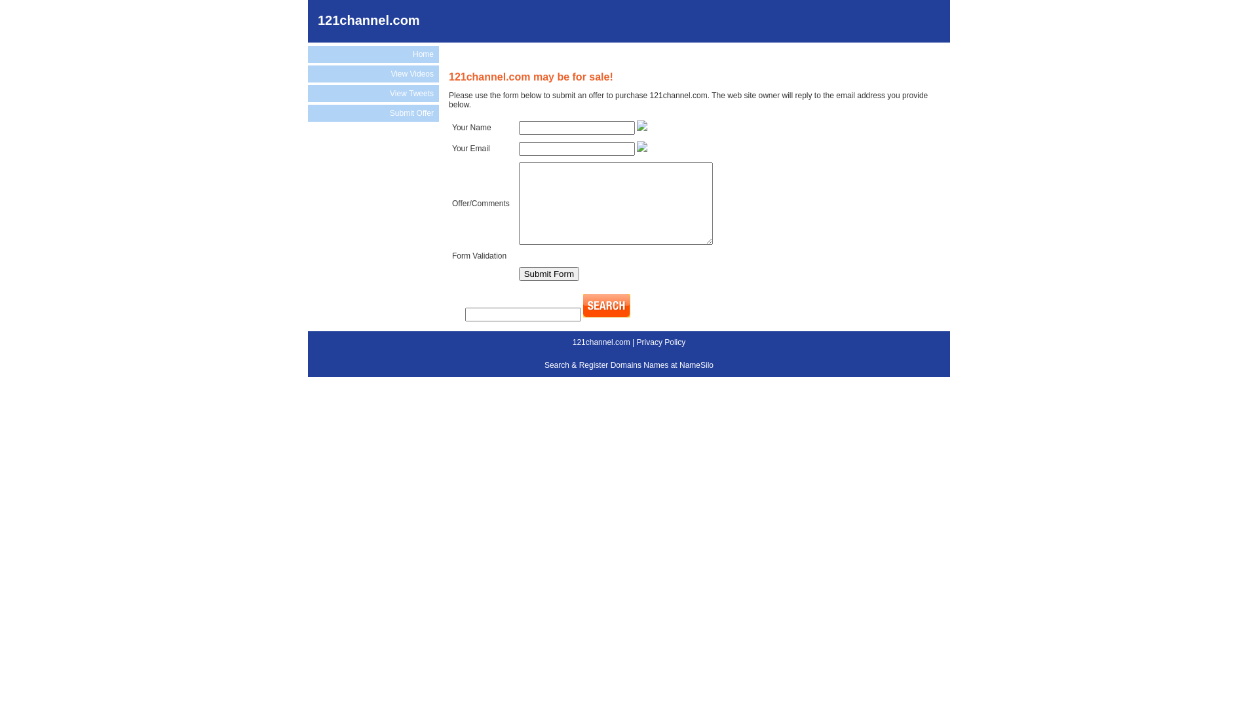  Describe the element at coordinates (636, 342) in the screenshot. I see `'Privacy Policy'` at that location.